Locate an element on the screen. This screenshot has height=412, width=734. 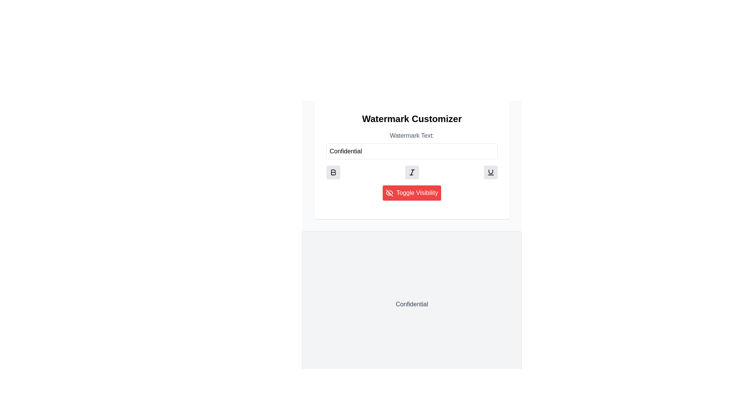
the static text label element that contains the text 'Watermark Text:' which is styled in gray color and positioned above the text input field in the 'Watermark Customizer' section is located at coordinates (411, 135).